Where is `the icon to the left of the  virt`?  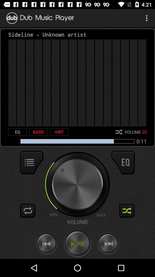
the icon to the left of the  virt is located at coordinates (38, 132).